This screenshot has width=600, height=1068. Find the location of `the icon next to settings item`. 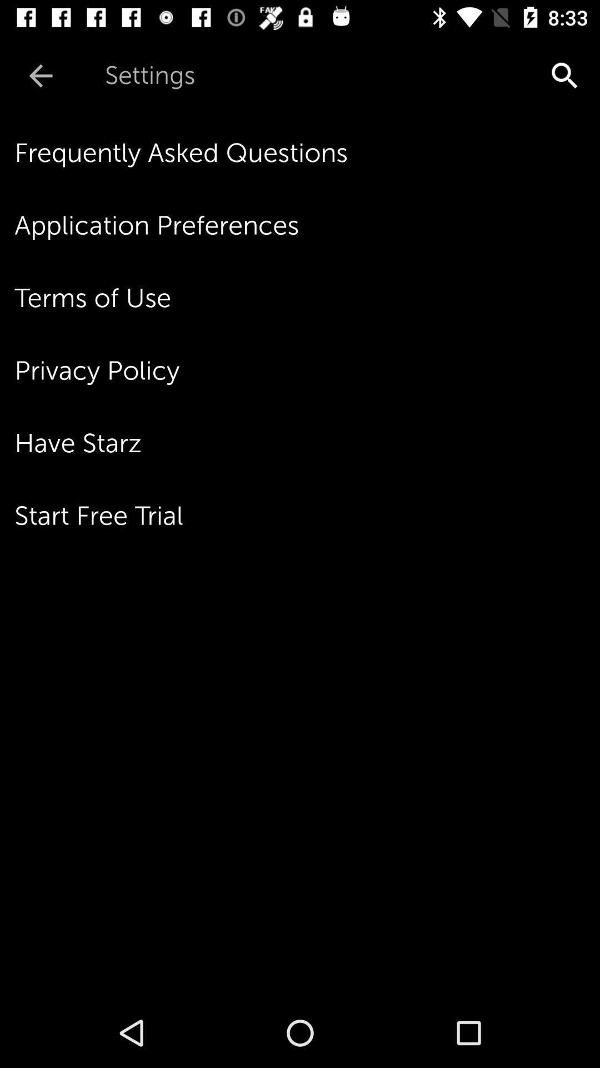

the icon next to settings item is located at coordinates (40, 75).